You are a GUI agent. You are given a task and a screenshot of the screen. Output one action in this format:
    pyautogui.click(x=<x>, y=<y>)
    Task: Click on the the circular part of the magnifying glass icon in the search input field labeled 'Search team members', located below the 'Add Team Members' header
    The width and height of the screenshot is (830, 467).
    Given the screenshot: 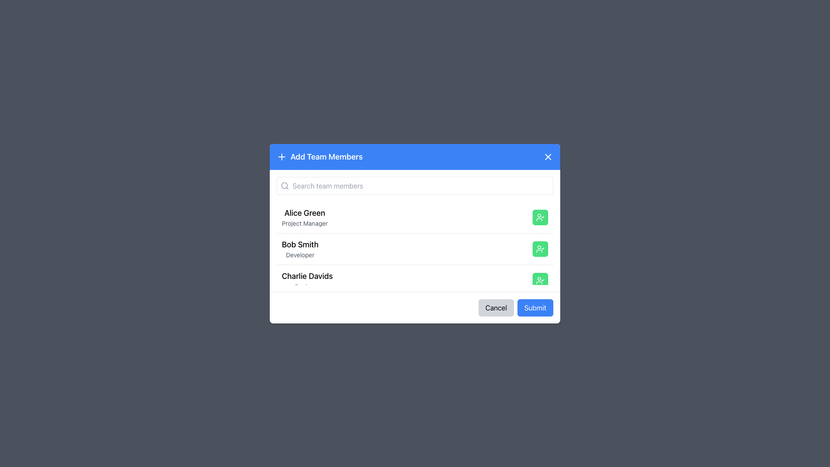 What is the action you would take?
    pyautogui.click(x=284, y=185)
    